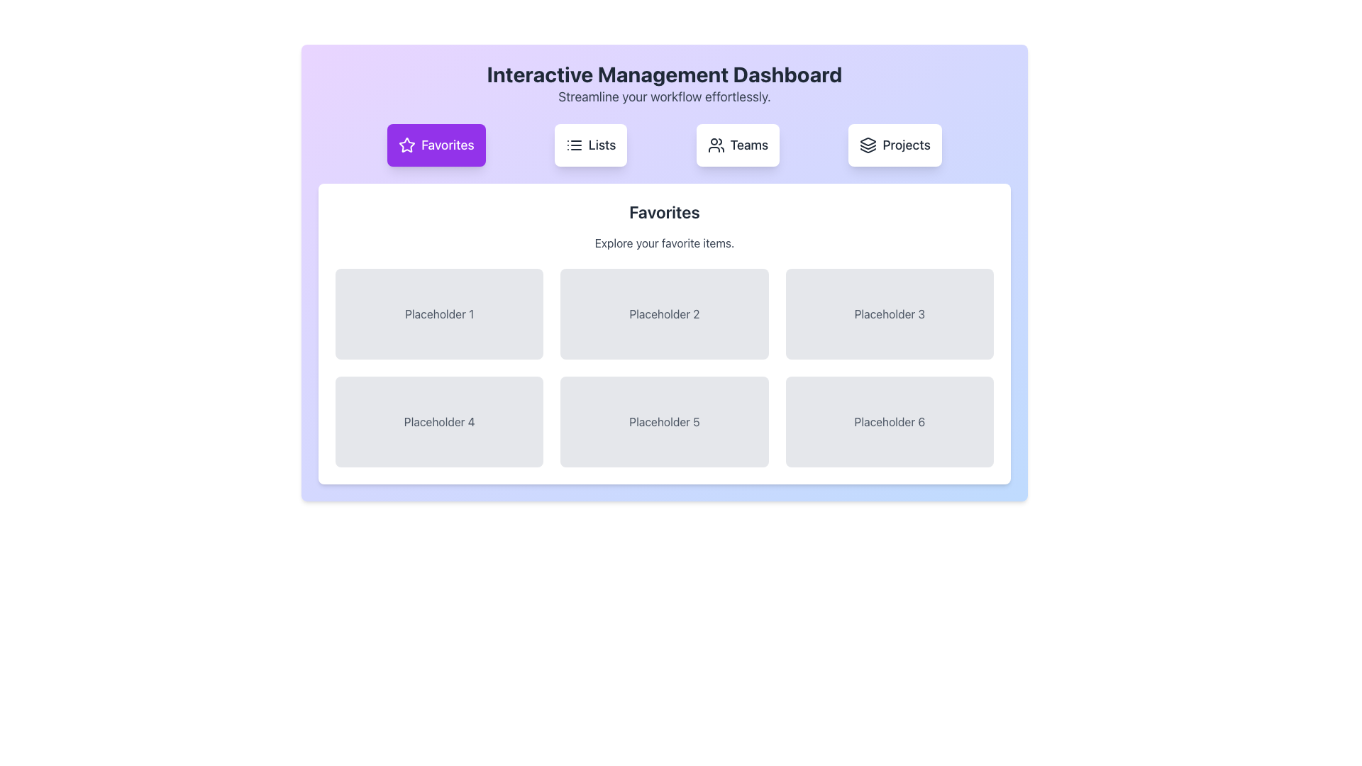 The height and width of the screenshot is (766, 1362). I want to click on the list icon, which is a minimalistic SVG representation of three horizontal lines, located to the left of the 'Lists' label in the top navigation bar, so click(574, 145).